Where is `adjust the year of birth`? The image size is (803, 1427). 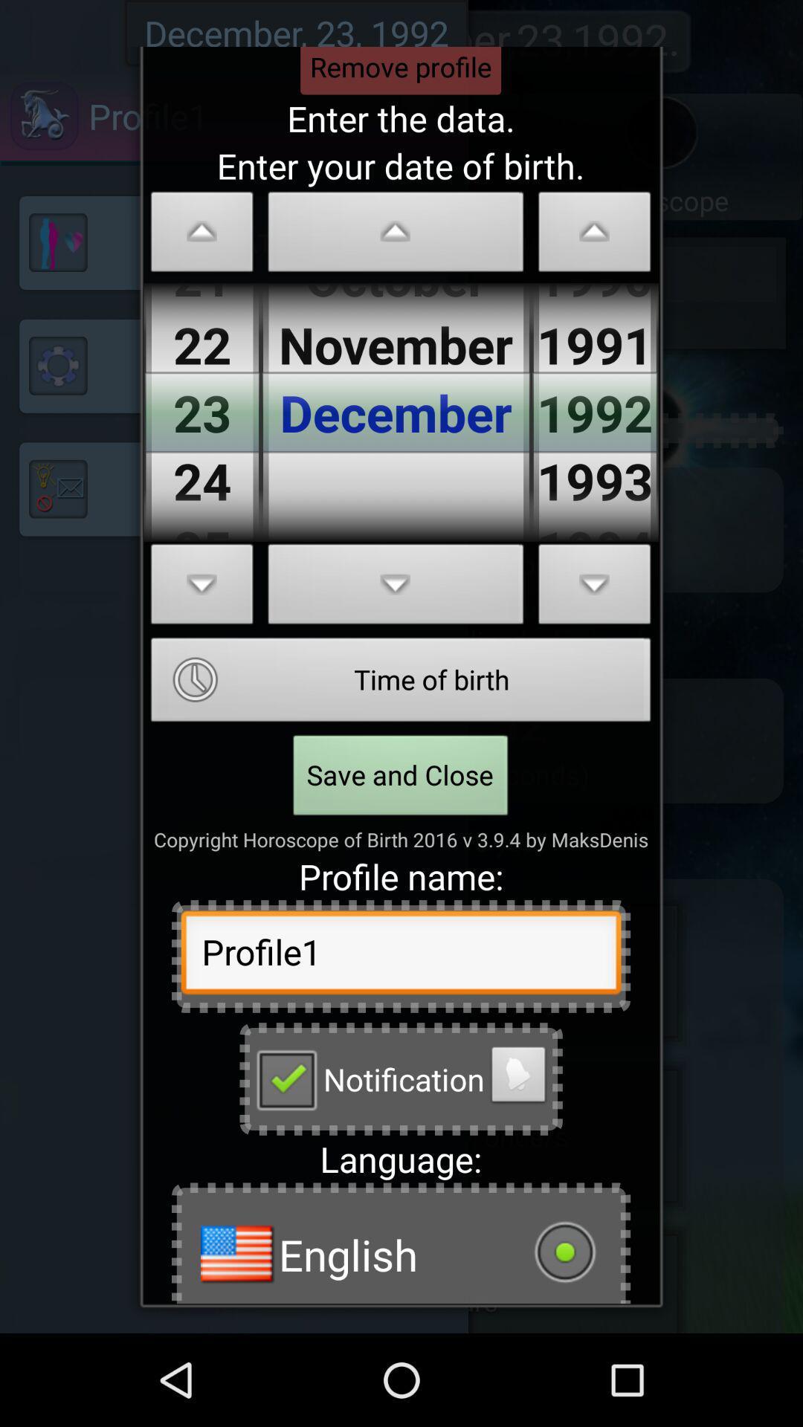
adjust the year of birth is located at coordinates (594, 235).